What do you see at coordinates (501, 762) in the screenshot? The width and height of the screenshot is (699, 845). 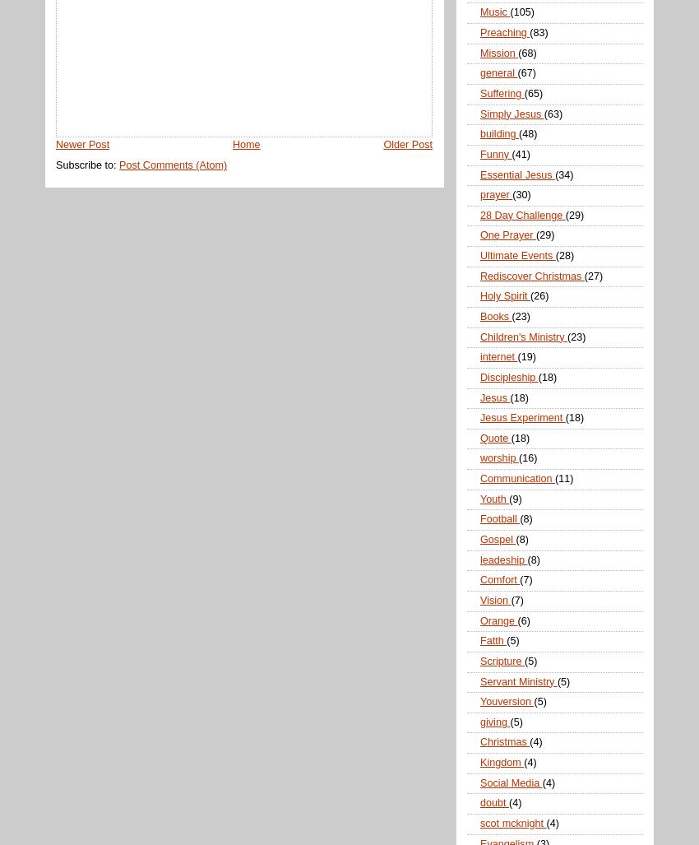 I see `'Kingdom'` at bounding box center [501, 762].